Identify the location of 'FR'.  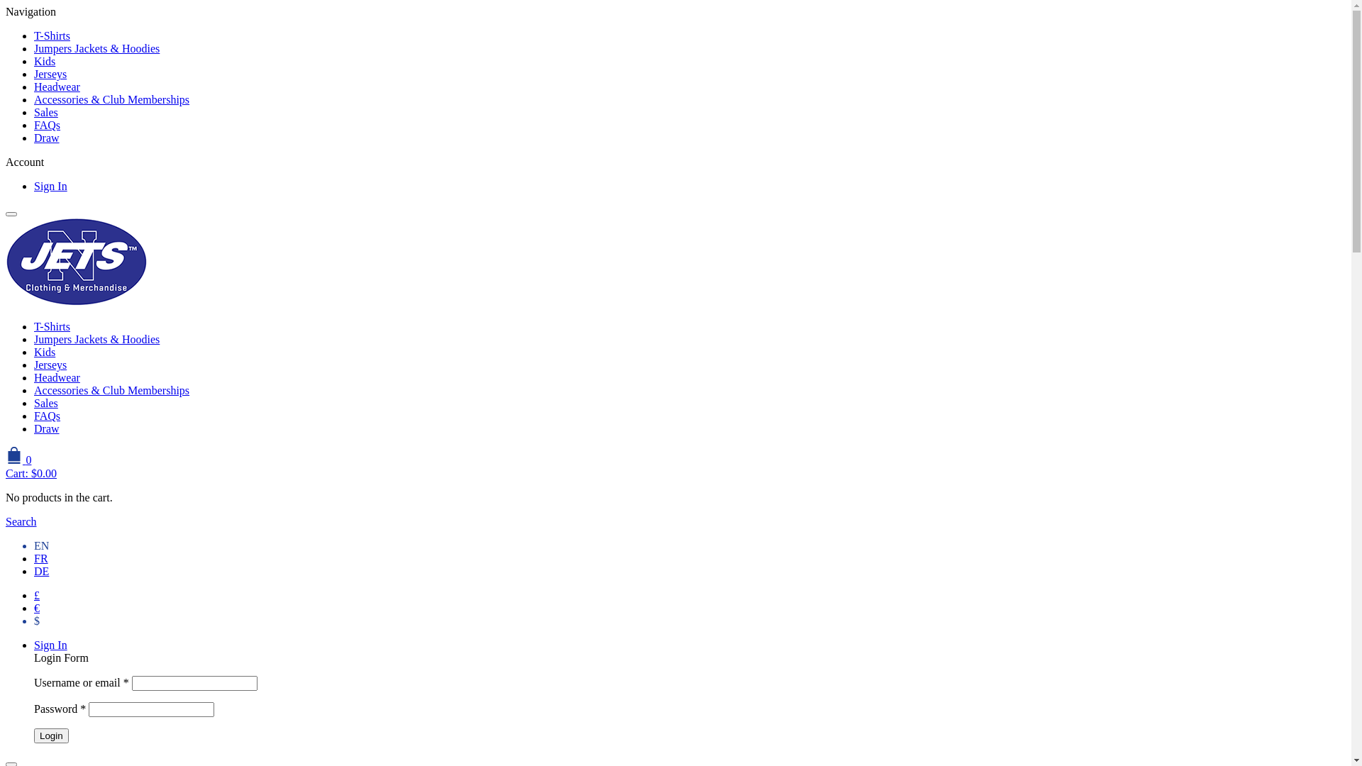
(40, 557).